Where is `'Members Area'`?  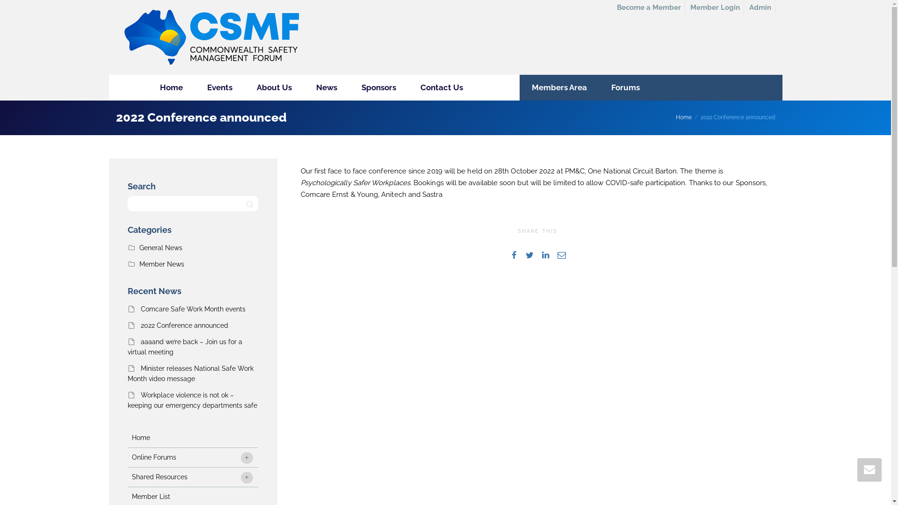 'Members Area' is located at coordinates (559, 87).